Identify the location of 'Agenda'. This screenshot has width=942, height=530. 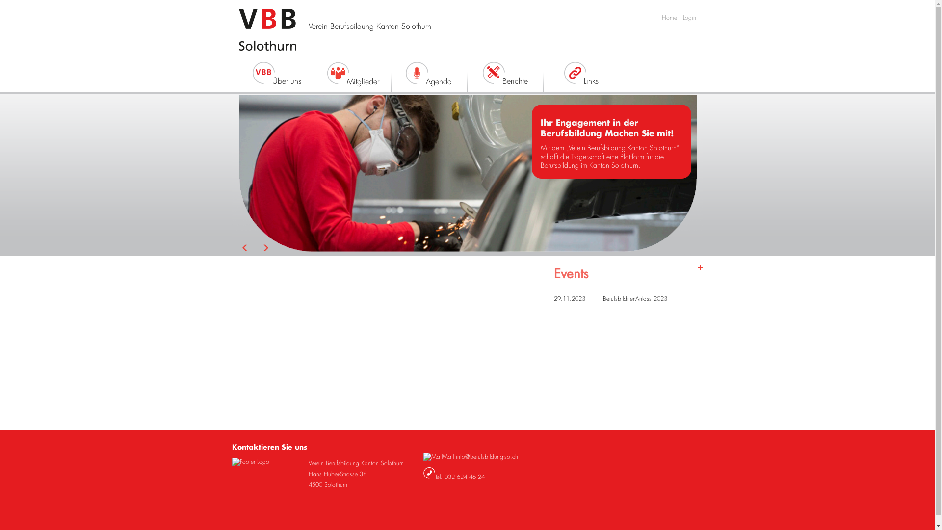
(417, 73).